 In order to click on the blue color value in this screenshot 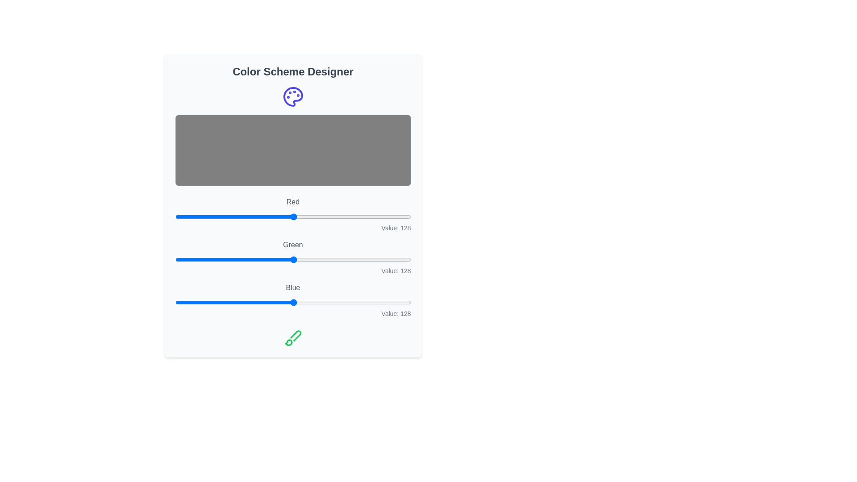, I will do `click(377, 302)`.